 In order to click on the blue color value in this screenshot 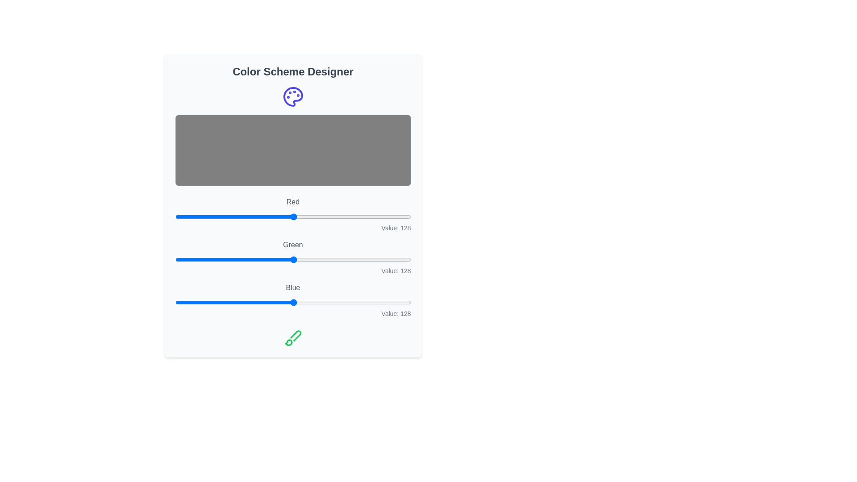, I will do `click(377, 302)`.